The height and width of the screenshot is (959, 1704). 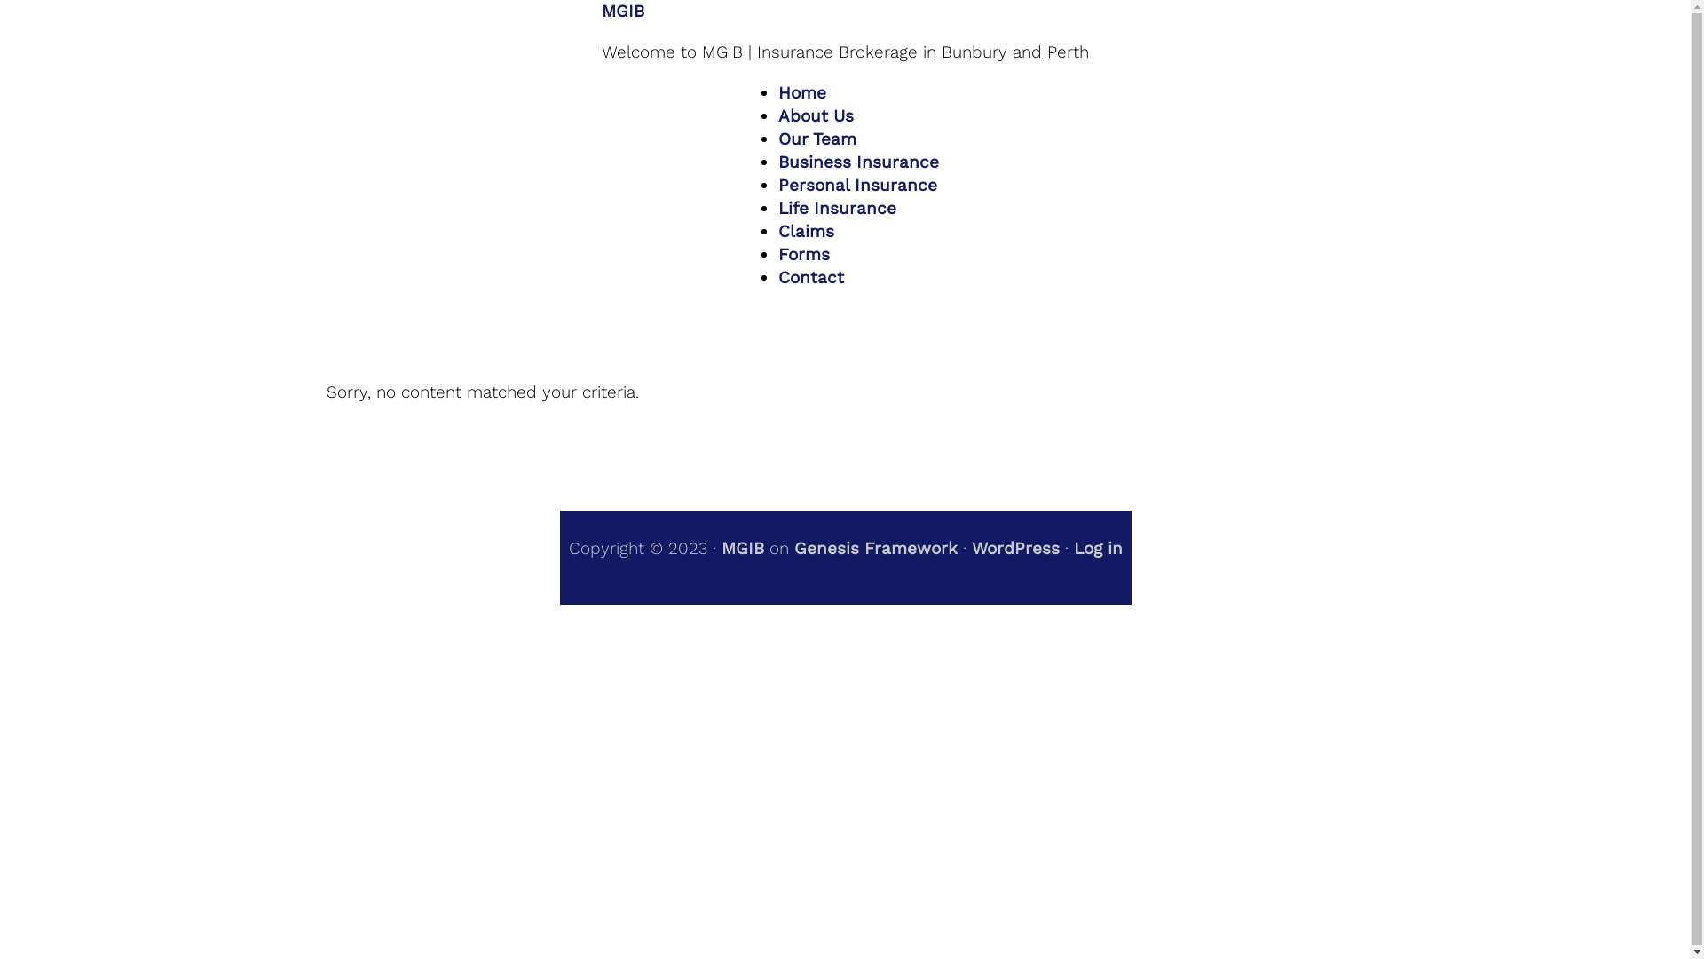 What do you see at coordinates (1097, 547) in the screenshot?
I see `'Log in'` at bounding box center [1097, 547].